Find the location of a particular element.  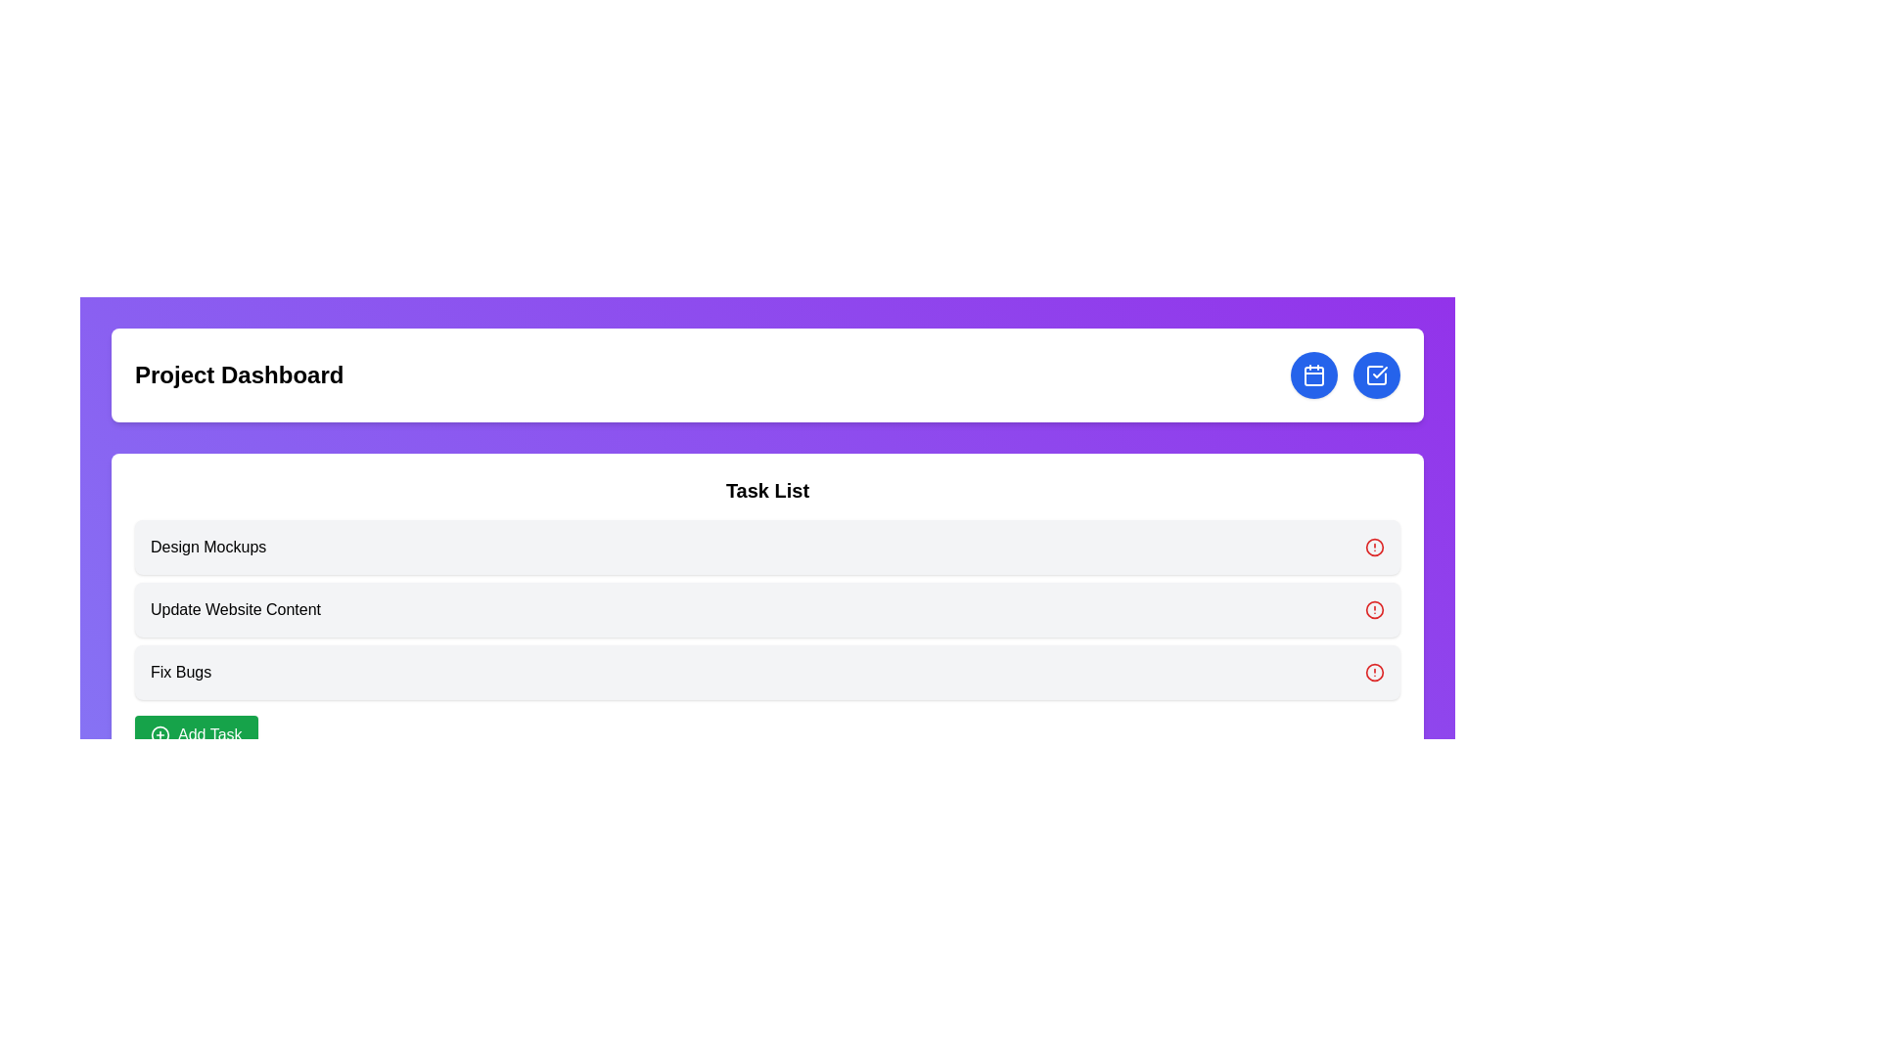

the bold, large-text label displaying 'Task List' that is visually prominent within the white rounded rectangular box is located at coordinates (766, 489).